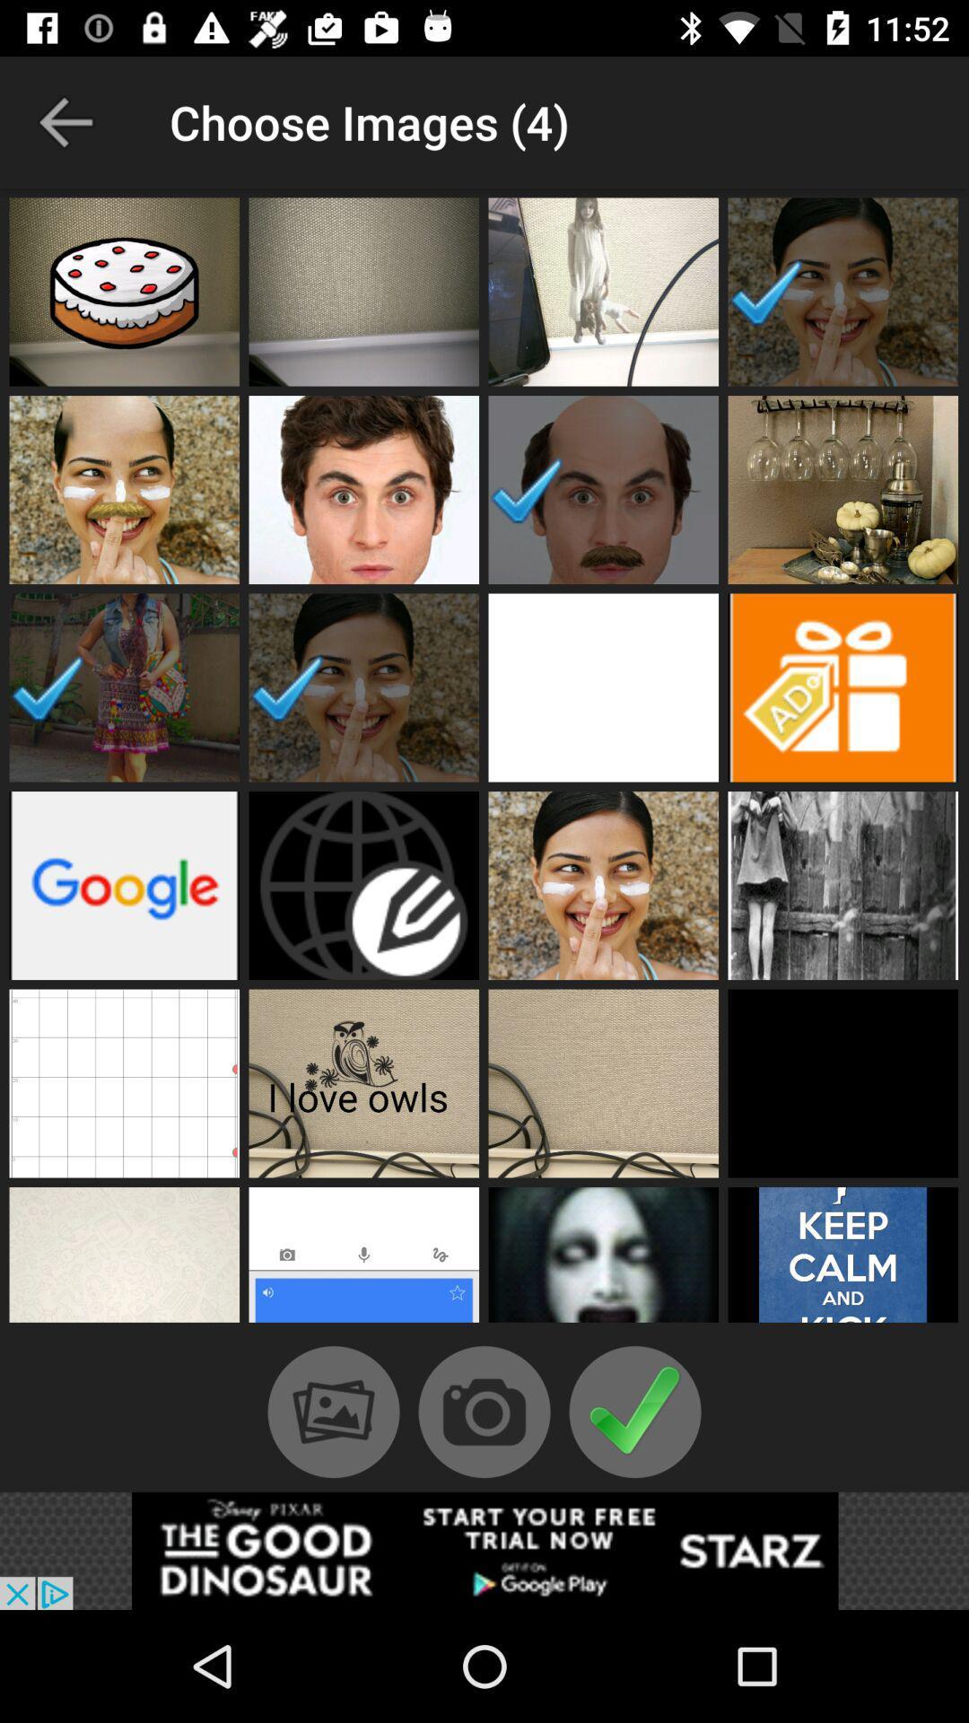  Describe the element at coordinates (603, 1258) in the screenshot. I see `include image in video` at that location.